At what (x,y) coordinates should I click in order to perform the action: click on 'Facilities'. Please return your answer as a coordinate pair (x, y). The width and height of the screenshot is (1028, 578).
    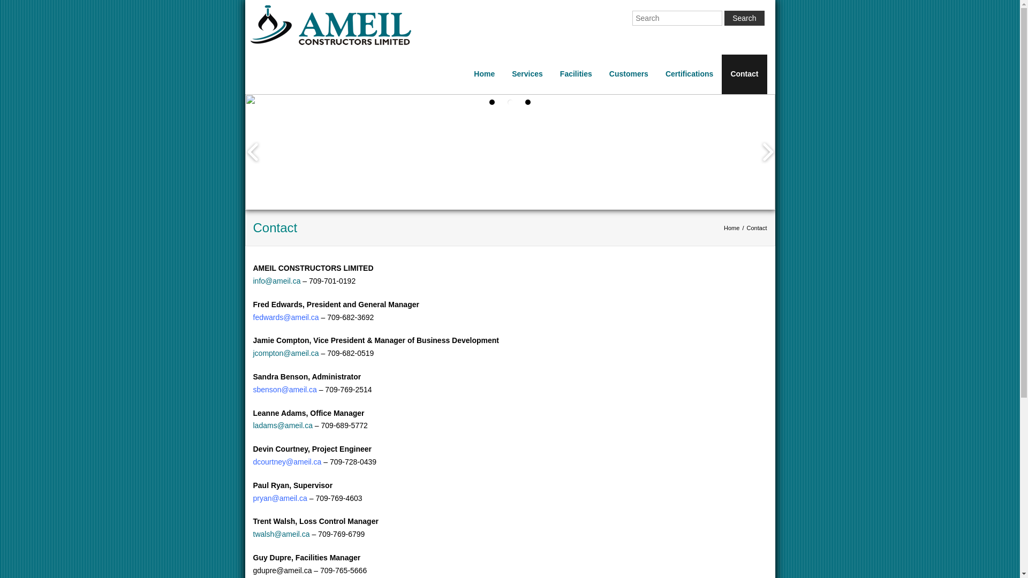
    Looking at the image, I should click on (575, 73).